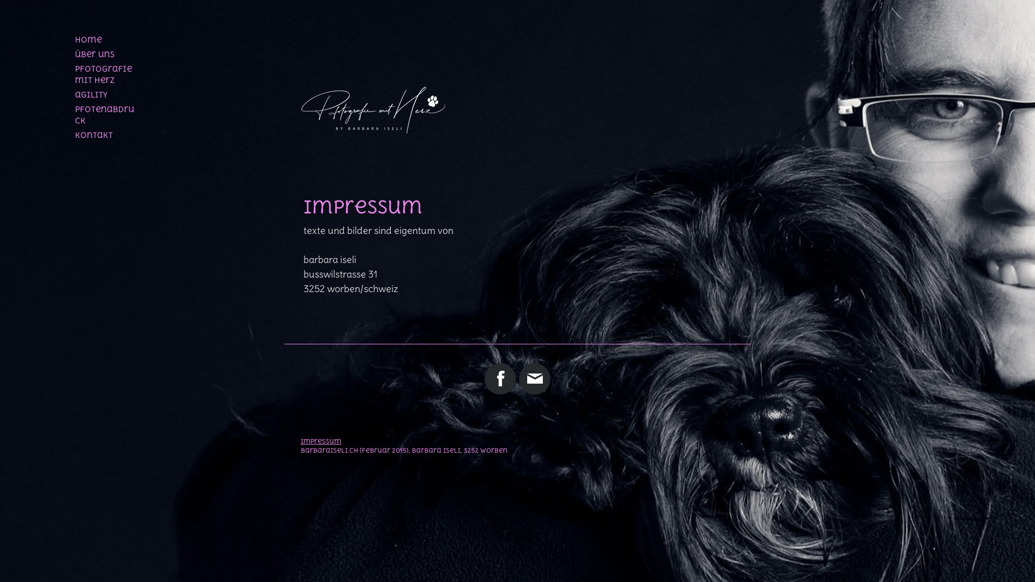  Describe the element at coordinates (106, 74) in the screenshot. I see `'pfotografie mit herz'` at that location.